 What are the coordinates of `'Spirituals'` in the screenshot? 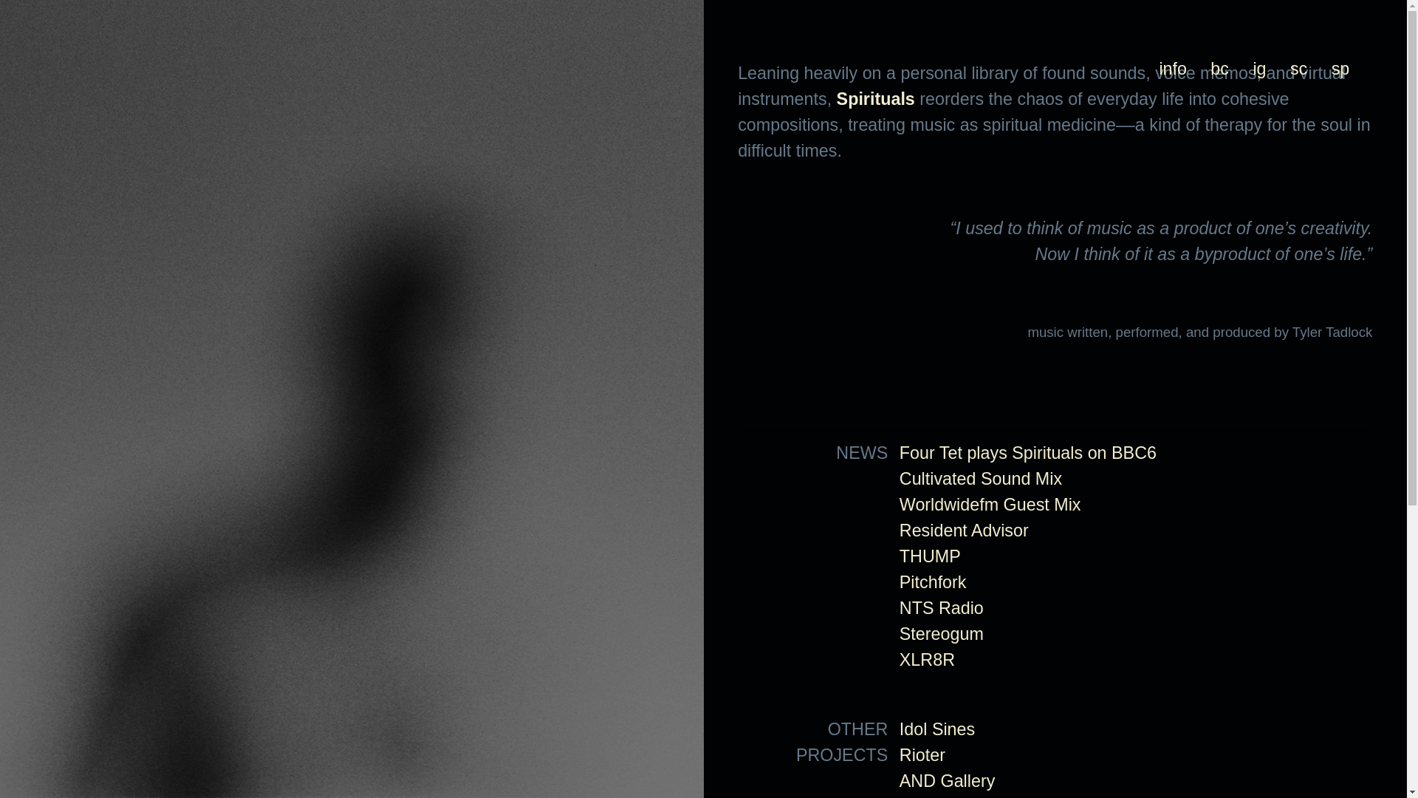 It's located at (875, 100).